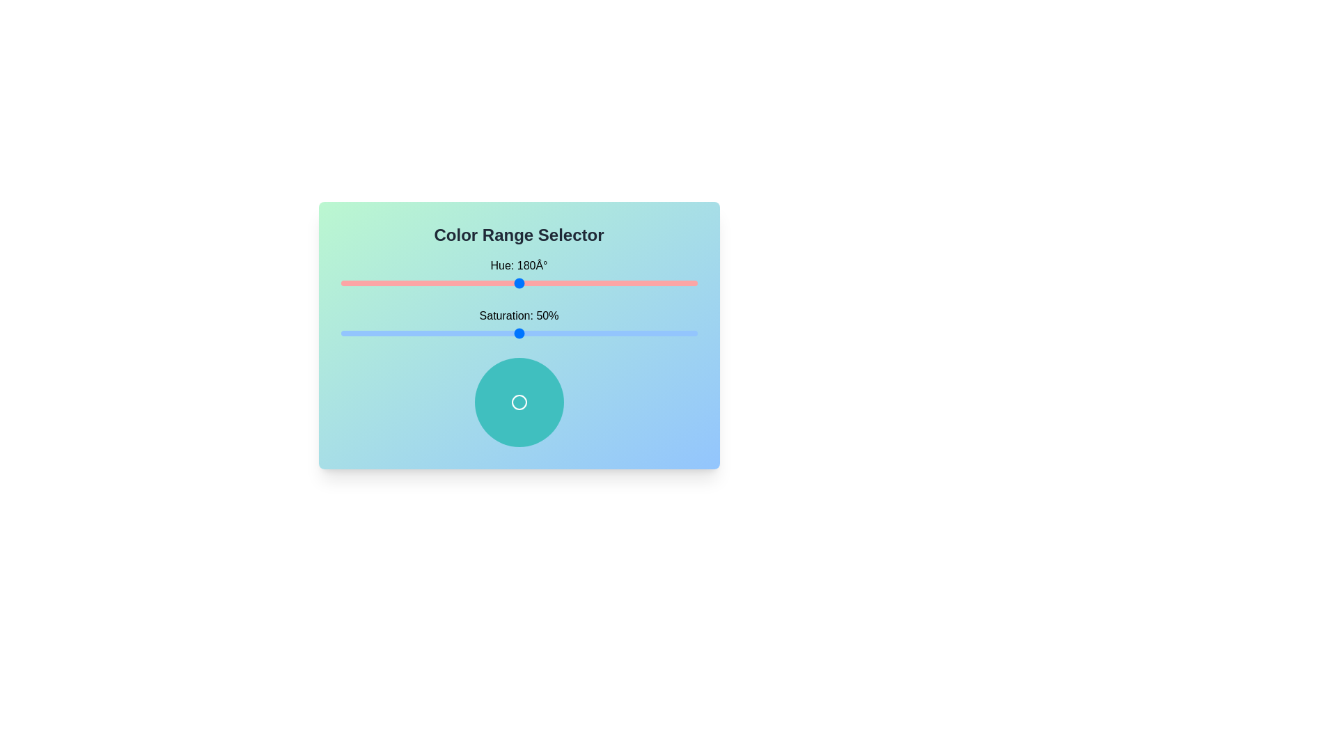  Describe the element at coordinates (393, 333) in the screenshot. I see `the saturation slider to set the saturation to 15%` at that location.